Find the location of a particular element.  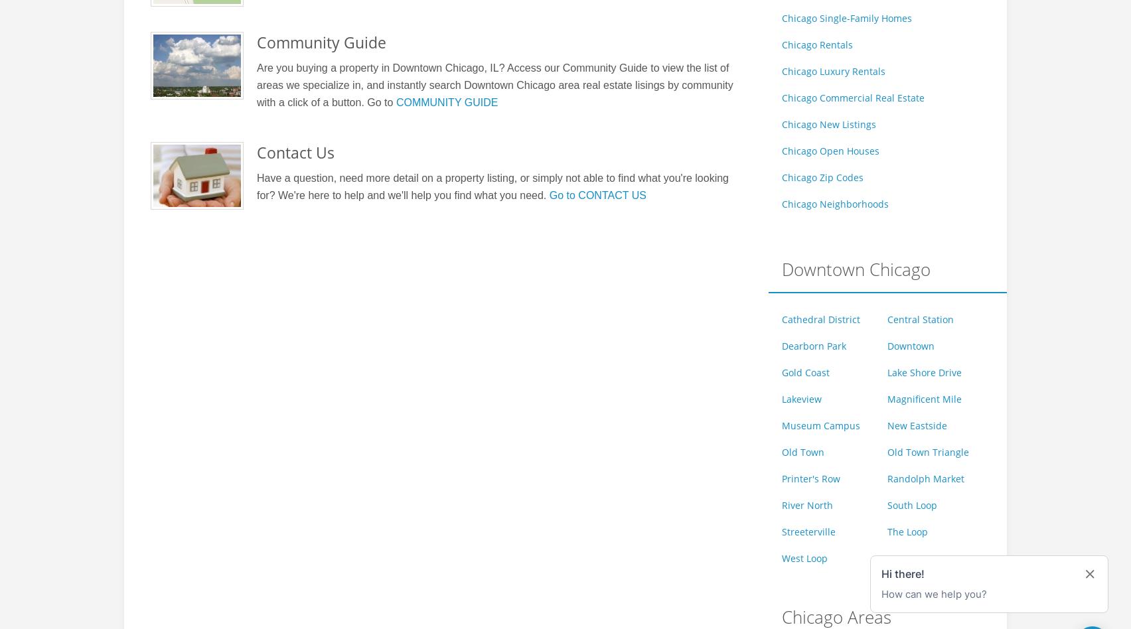

'Downtown Chicago' is located at coordinates (856, 269).